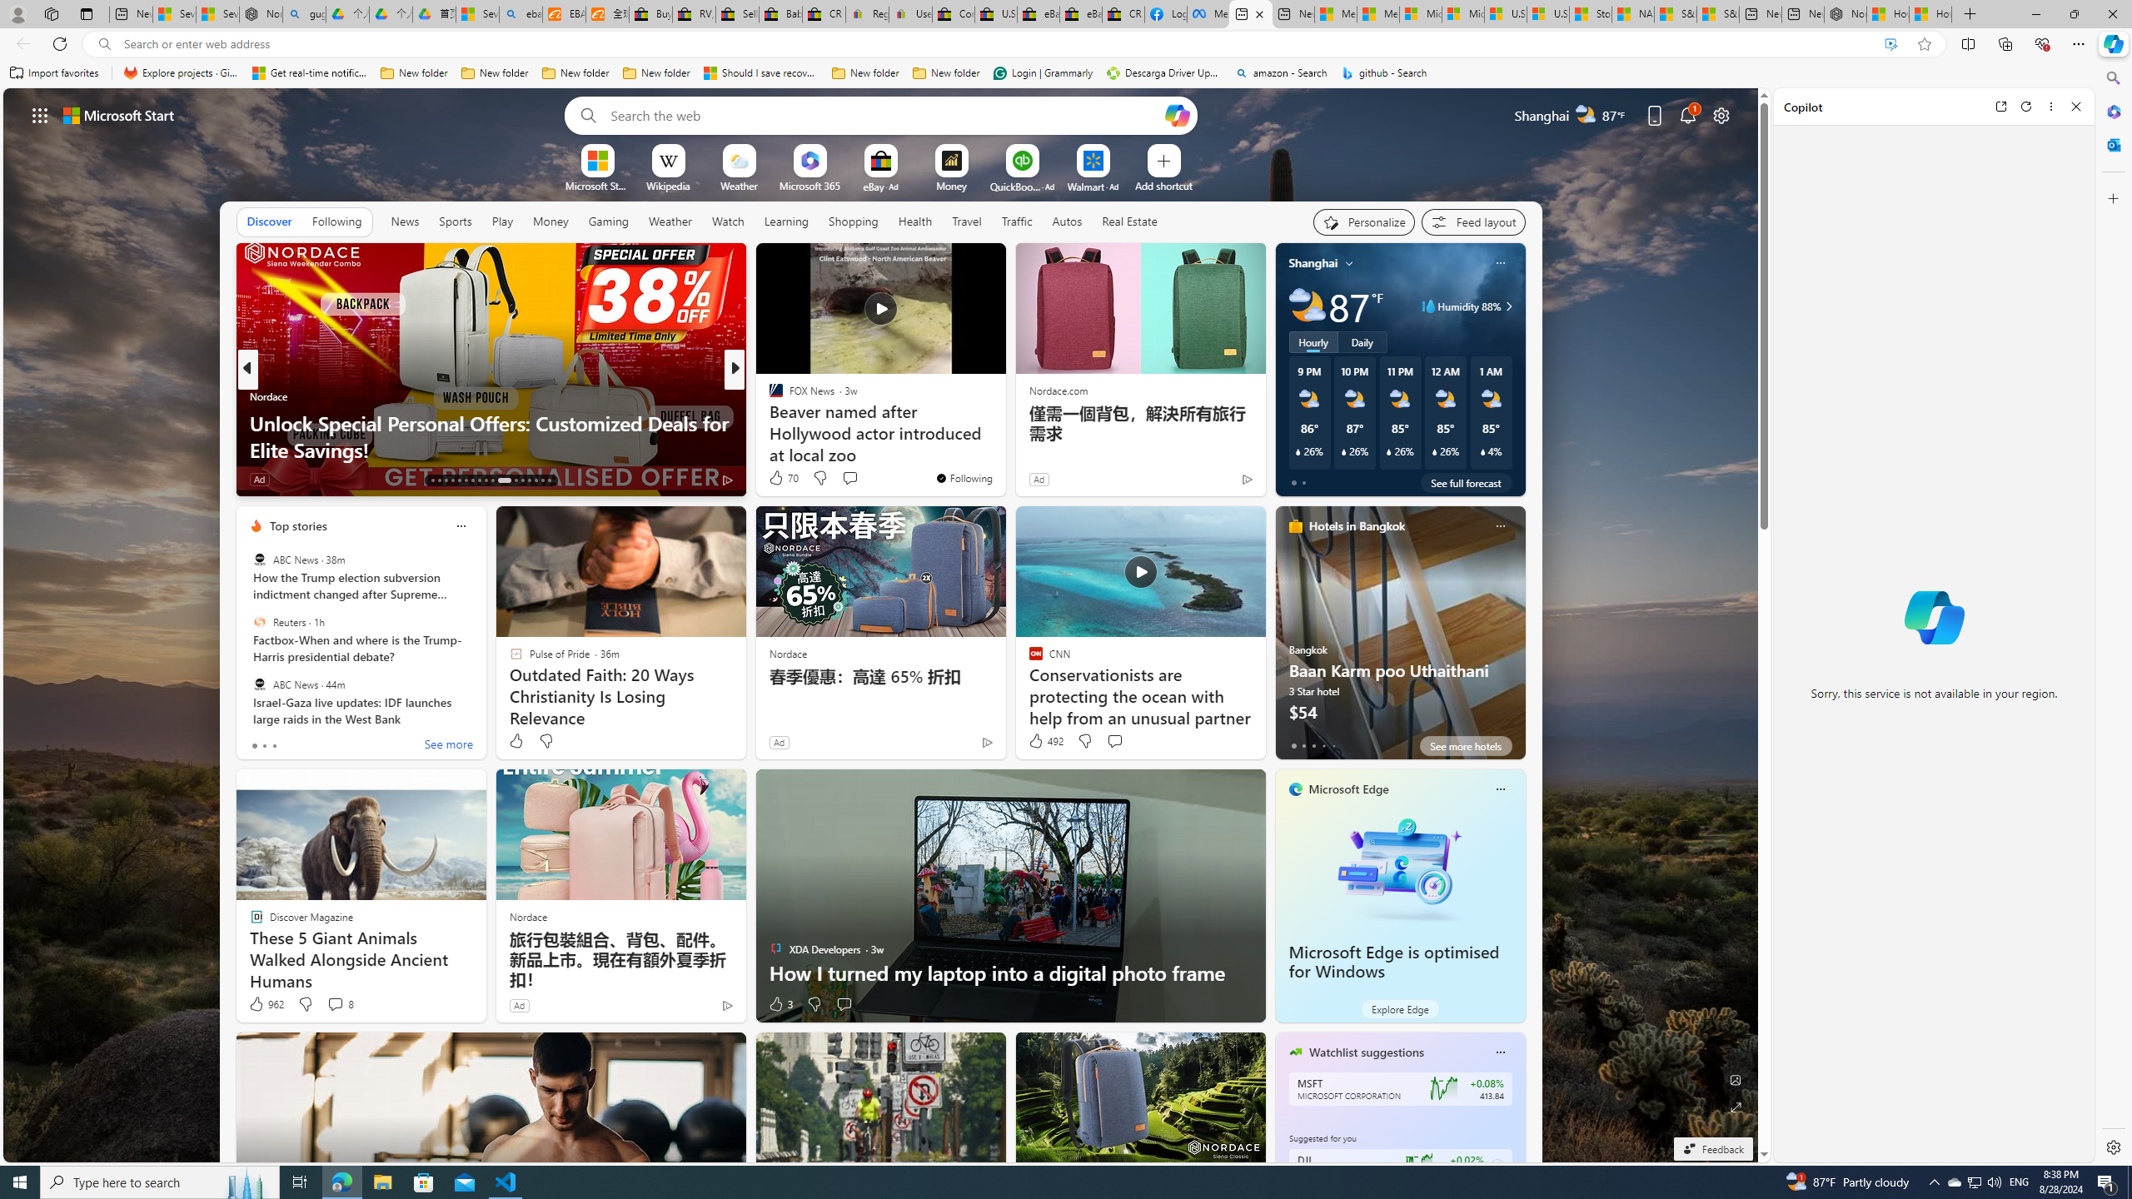  I want to click on 'Gaming', so click(607, 221).